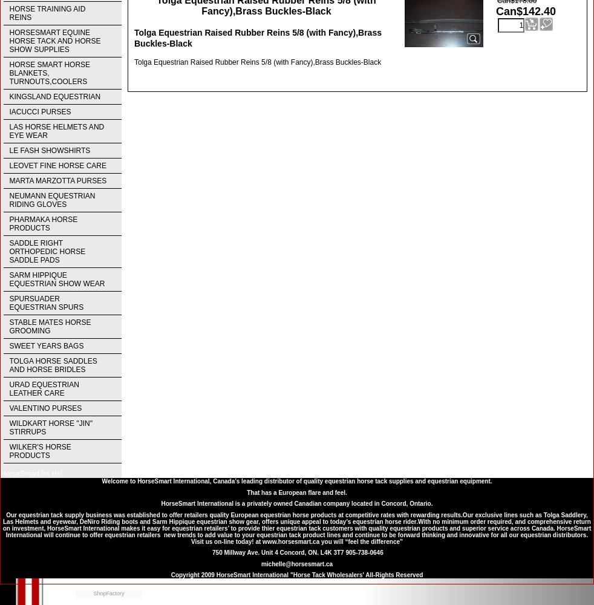  I want to click on 'LE FASH SHOWSHIRTS', so click(48, 150).